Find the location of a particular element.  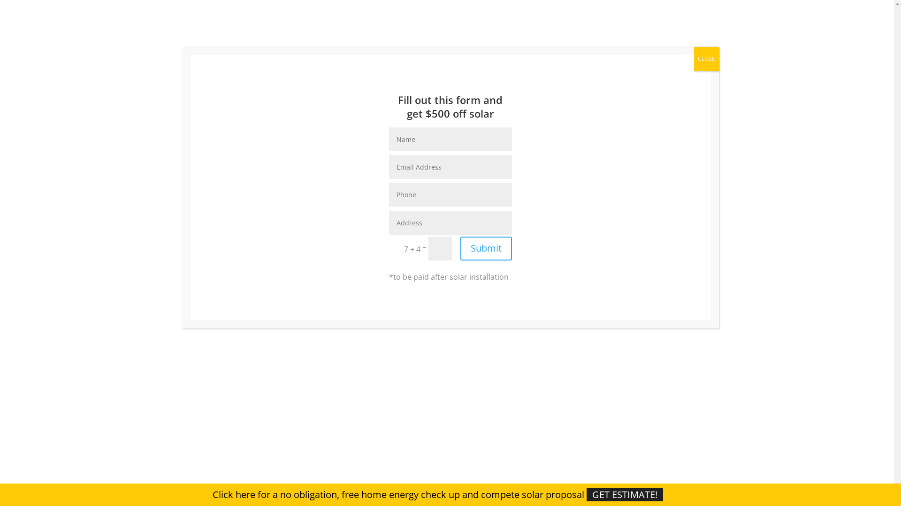

'Only numbers allowed.' is located at coordinates (450, 194).